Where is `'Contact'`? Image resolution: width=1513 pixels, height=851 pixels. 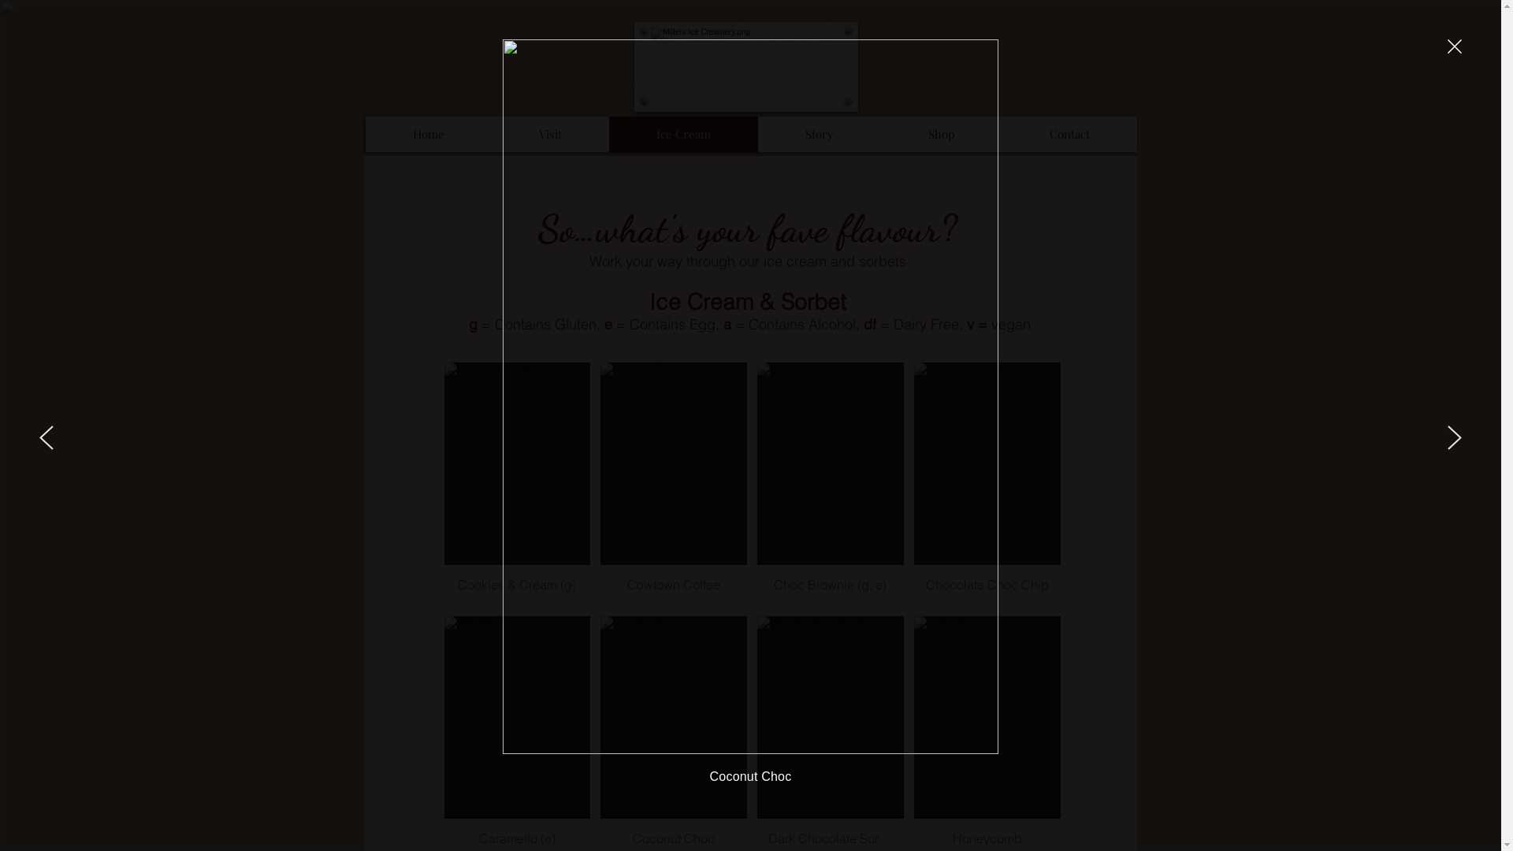 'Contact' is located at coordinates (1069, 133).